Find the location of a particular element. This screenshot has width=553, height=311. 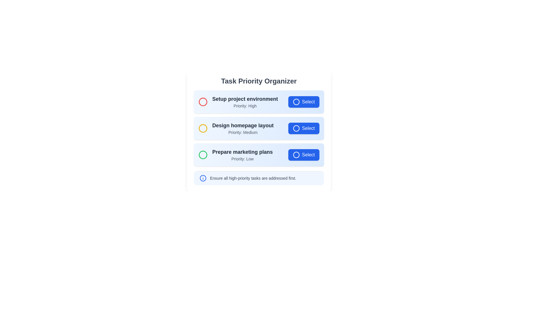

the text display showing 'Prepare marketing plans' with a green circular icon to its left, located within the third task entry of the 'Task Priority Organizer' list is located at coordinates (236, 154).